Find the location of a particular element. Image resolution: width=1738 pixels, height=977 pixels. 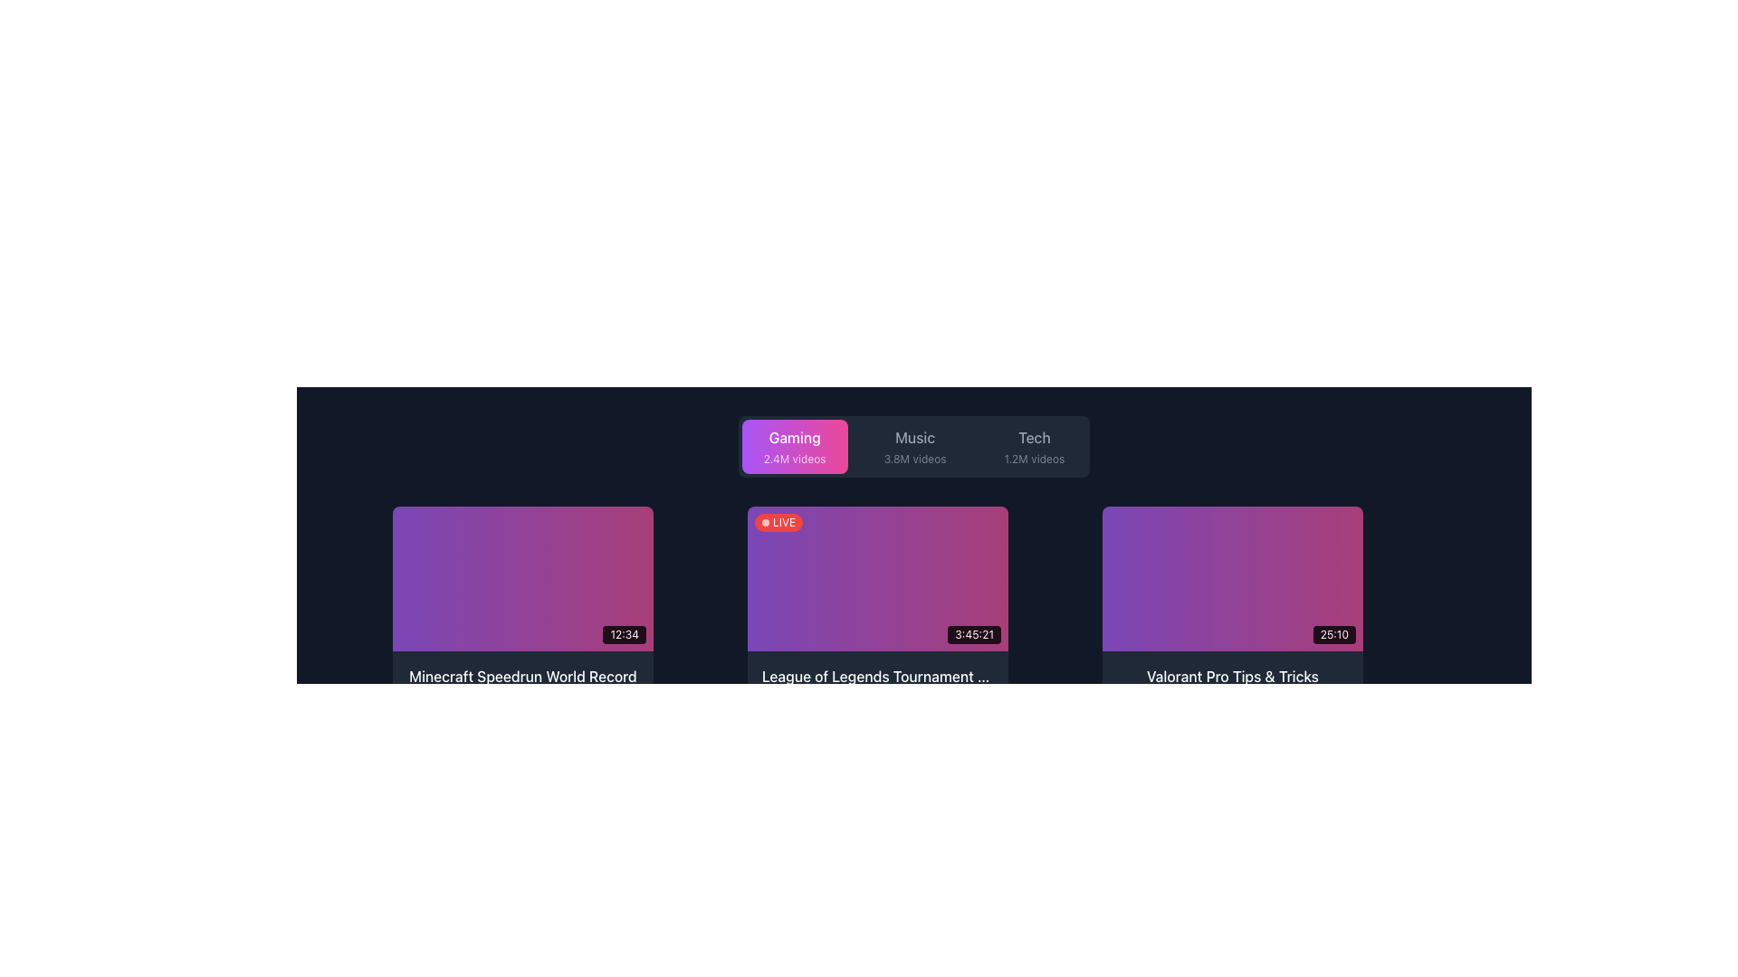

the static text label displaying 'Valorant Pro Tips & Tricks' located at the bottom-center of the video card is located at coordinates (1232, 677).